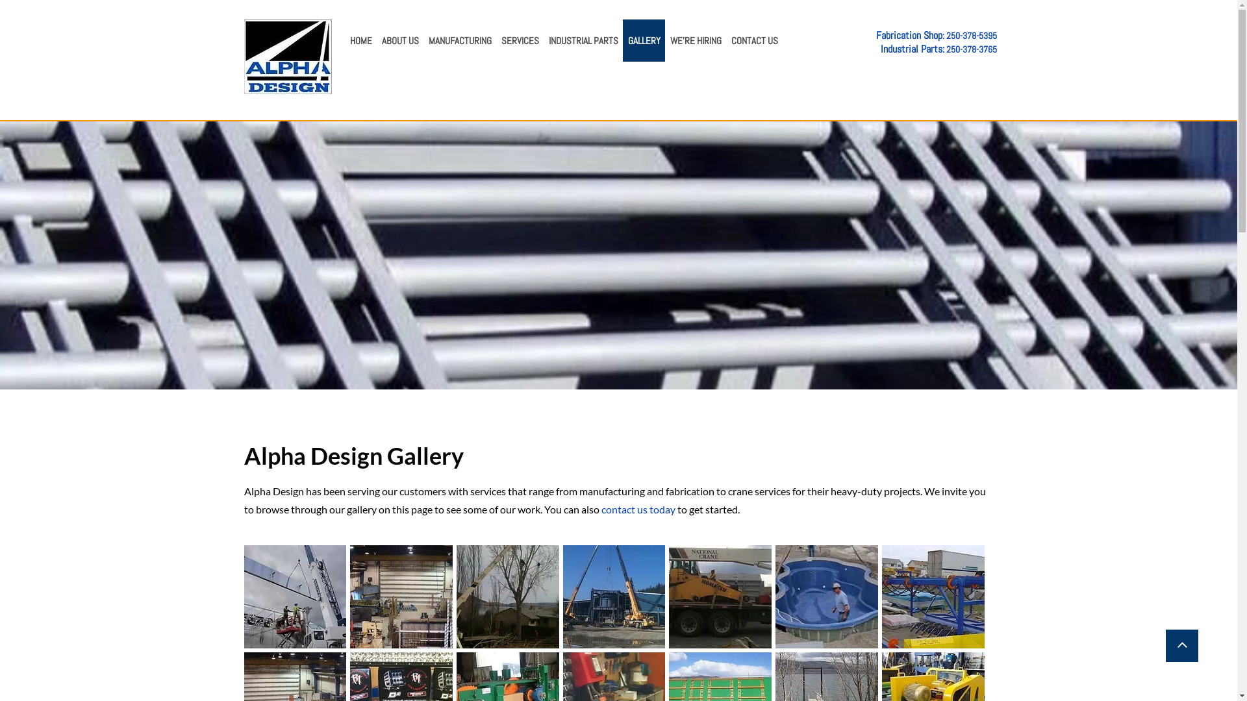 The height and width of the screenshot is (701, 1247). What do you see at coordinates (495, 40) in the screenshot?
I see `'SERVICES'` at bounding box center [495, 40].